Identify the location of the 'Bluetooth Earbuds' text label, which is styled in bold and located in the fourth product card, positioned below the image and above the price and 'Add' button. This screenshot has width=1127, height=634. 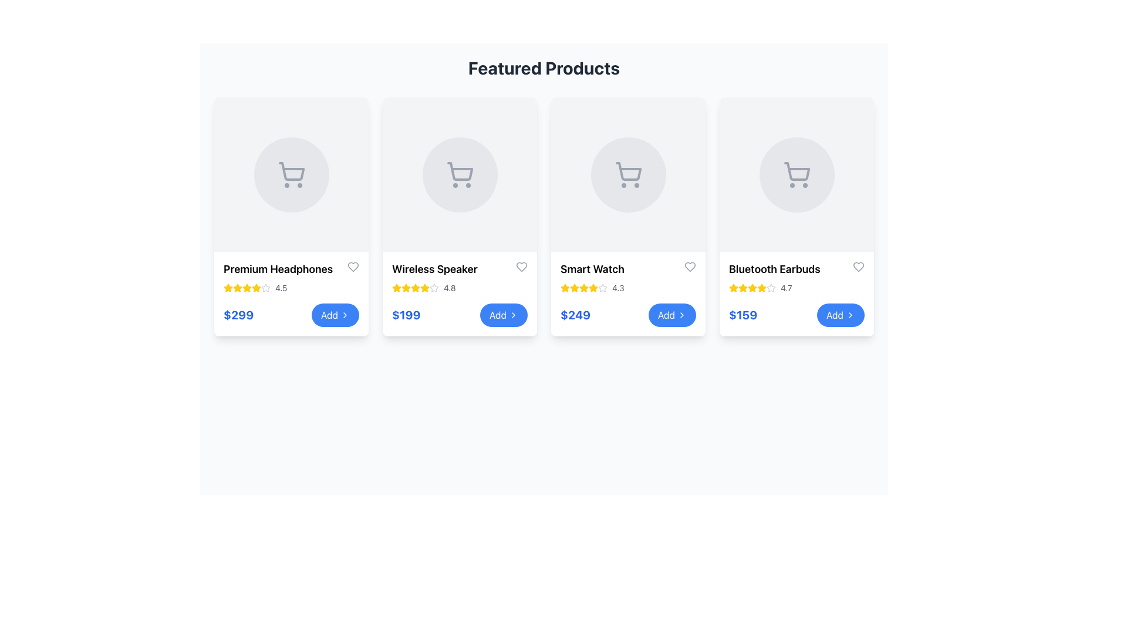
(774, 269).